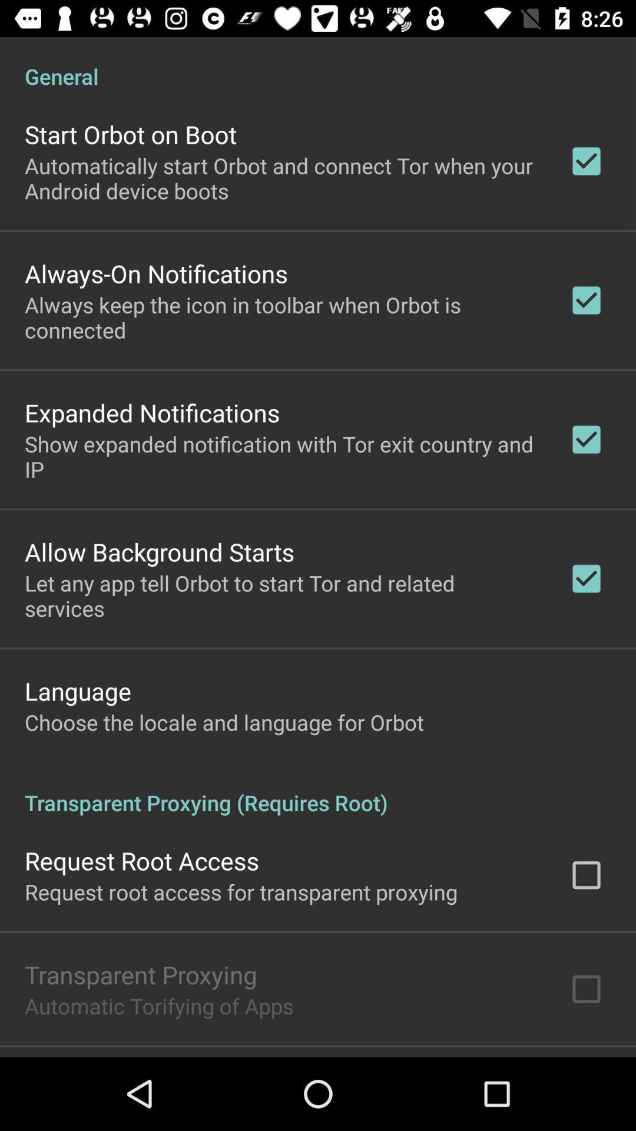  I want to click on the always keep the, so click(281, 317).